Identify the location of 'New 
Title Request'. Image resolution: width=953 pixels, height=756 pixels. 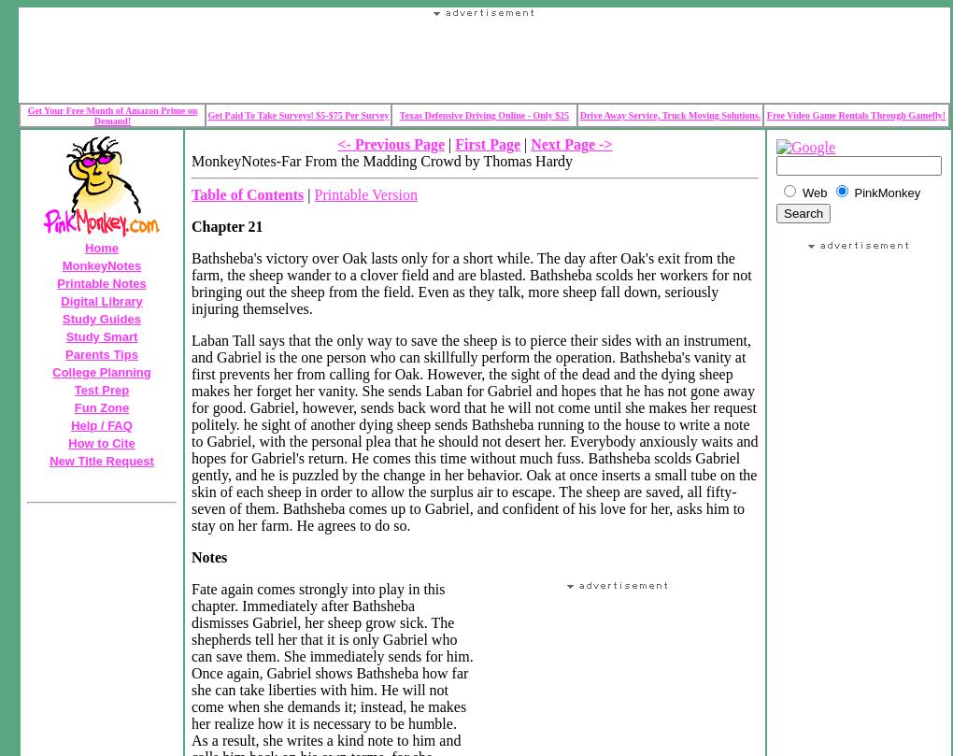
(100, 460).